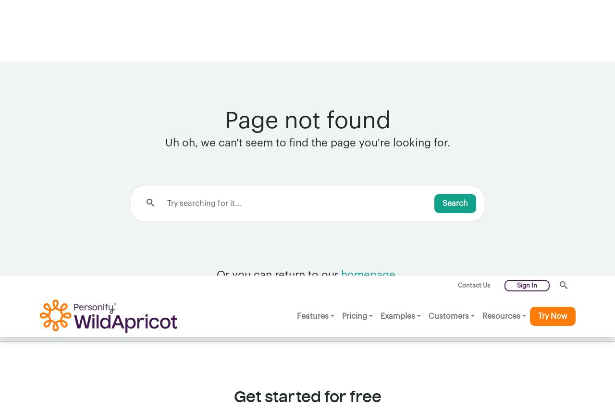 This screenshot has height=409, width=615. Describe the element at coordinates (172, 344) in the screenshot. I see `'Volunteerism'` at that location.